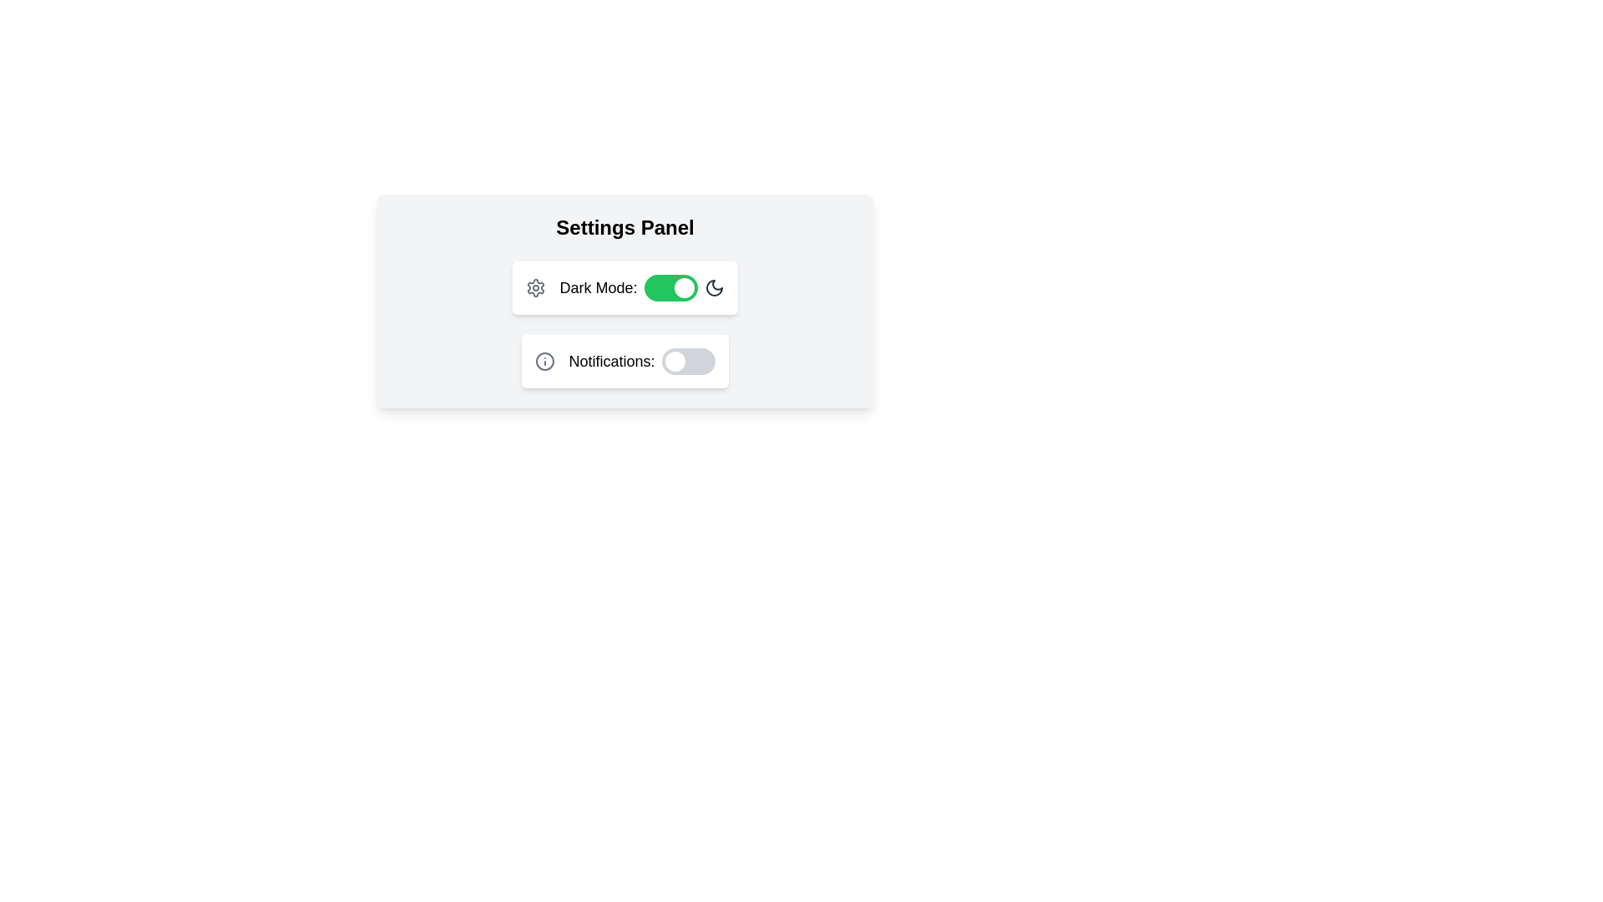 This screenshot has width=1603, height=902. What do you see at coordinates (545, 360) in the screenshot?
I see `the circular 'info' icon with a gray outlined shape in the notifications section of the settings panel for informative purposes` at bounding box center [545, 360].